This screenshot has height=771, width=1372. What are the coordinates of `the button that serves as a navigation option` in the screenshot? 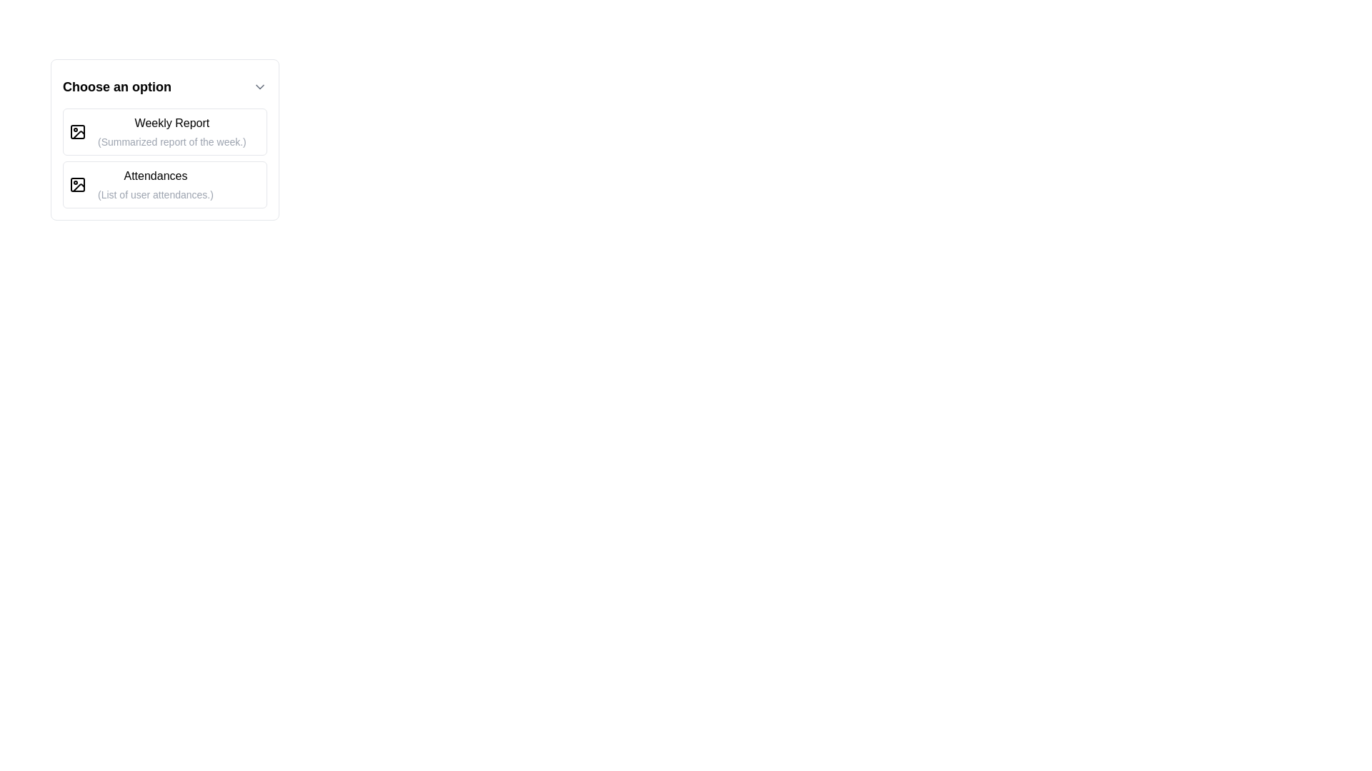 It's located at (164, 183).